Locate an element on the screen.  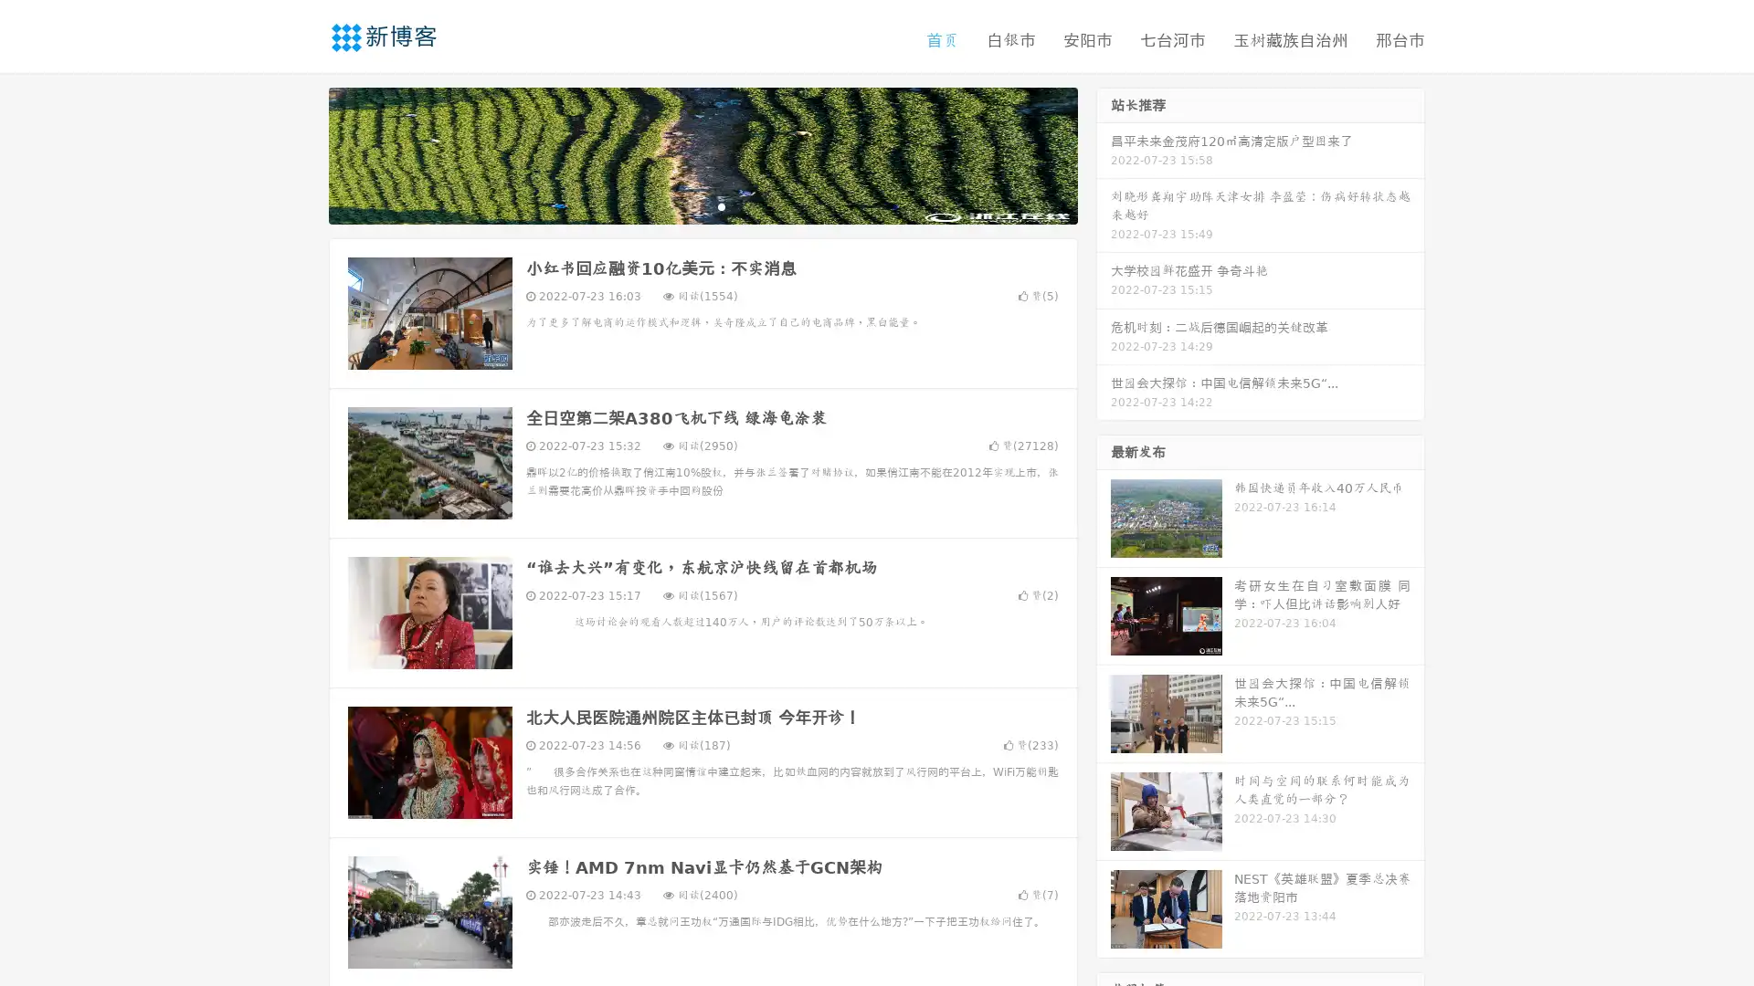
Go to slide 1 is located at coordinates (683, 205).